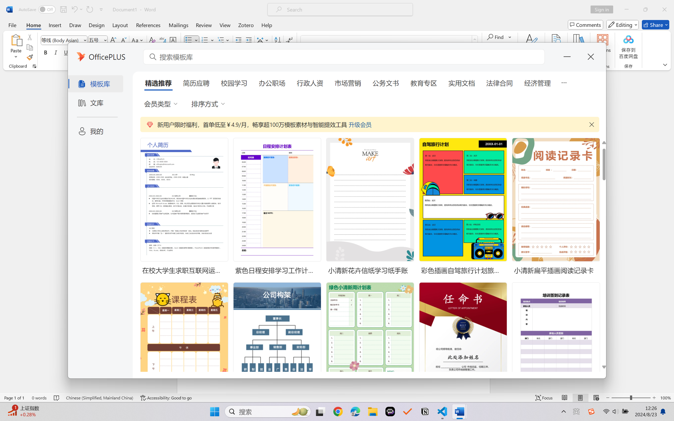 The image size is (674, 421). Describe the element at coordinates (564, 82) in the screenshot. I see `'5 more tabs'` at that location.